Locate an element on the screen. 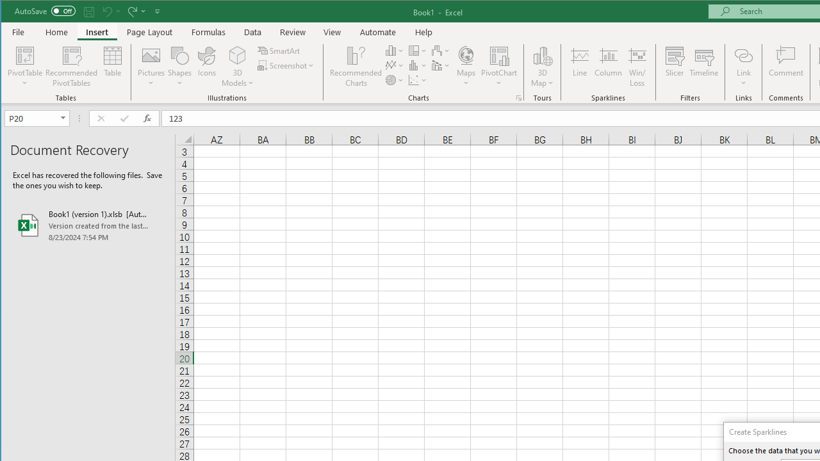  'Recommended Charts' is located at coordinates (519, 97).